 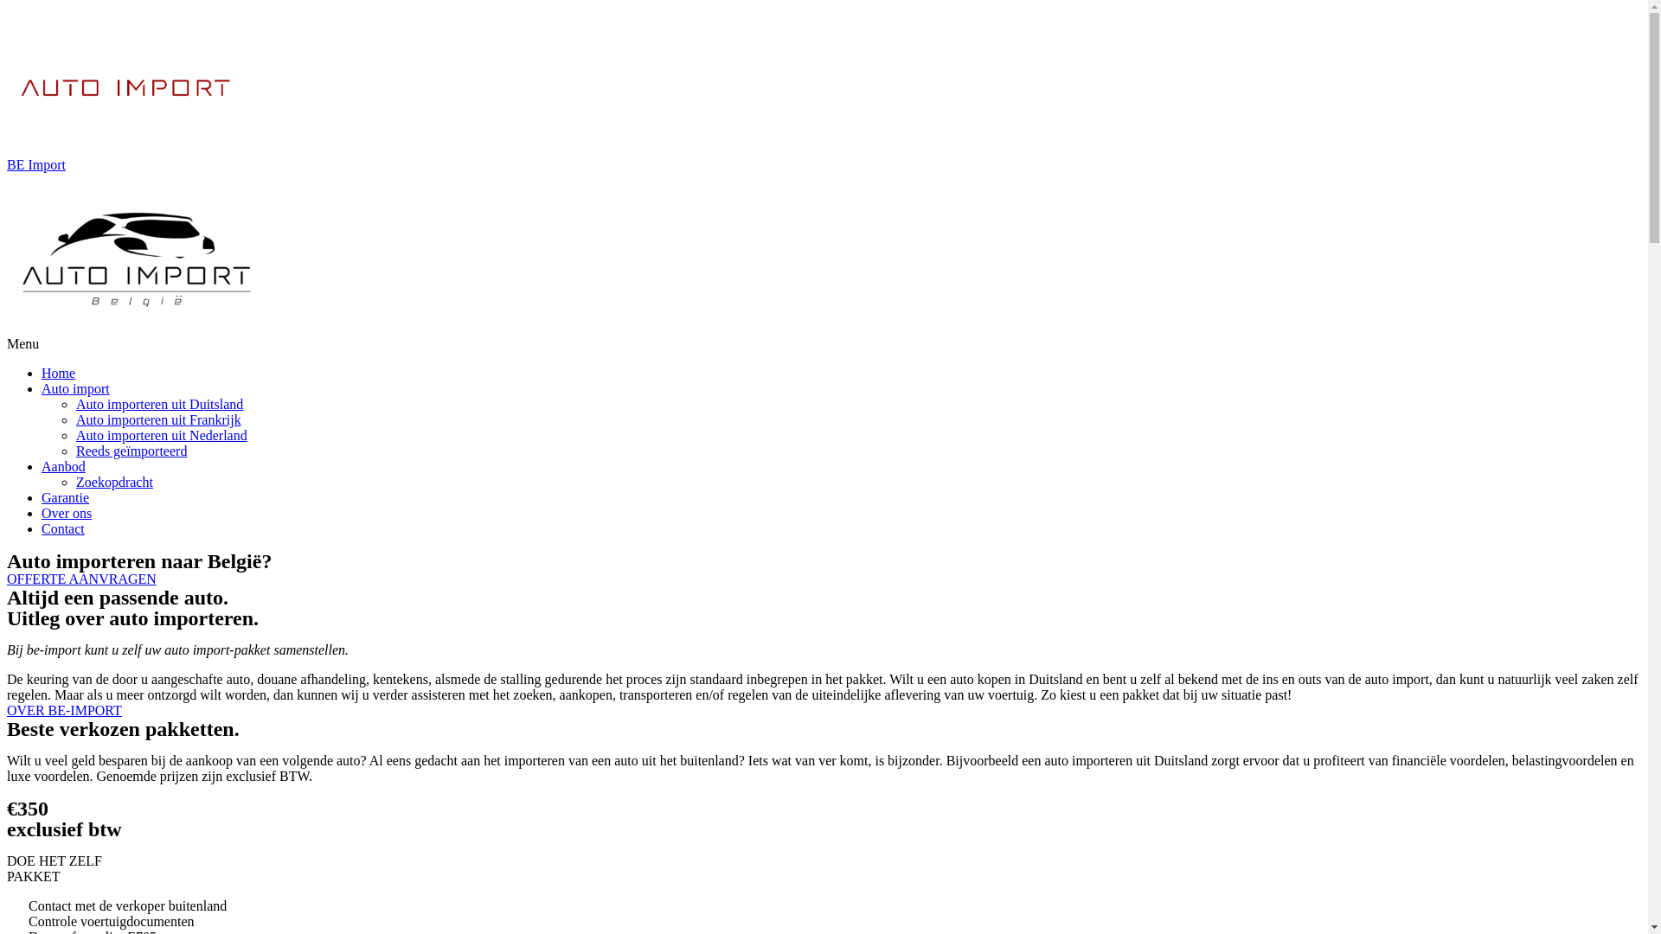 What do you see at coordinates (42, 497) in the screenshot?
I see `'Garantie'` at bounding box center [42, 497].